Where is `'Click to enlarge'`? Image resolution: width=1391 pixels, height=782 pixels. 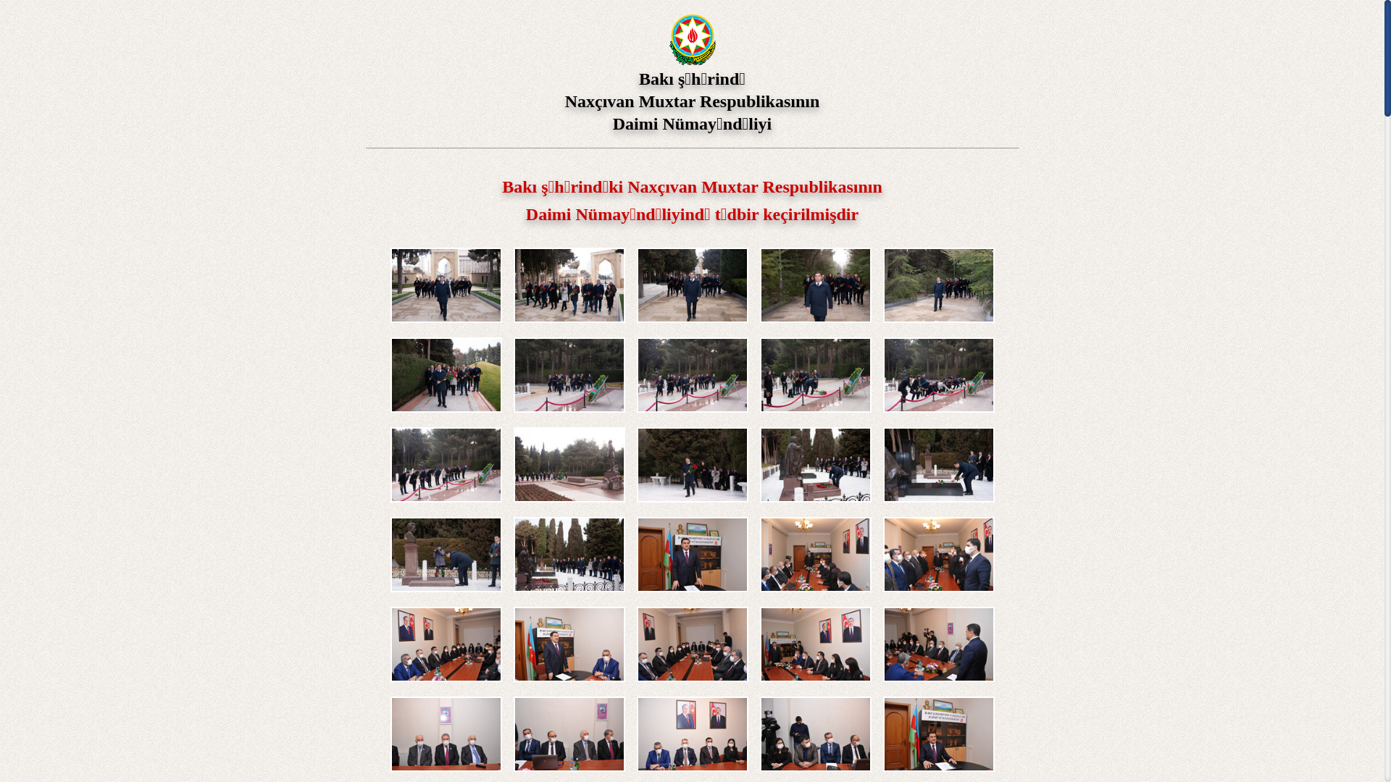
'Click to enlarge' is located at coordinates (444, 285).